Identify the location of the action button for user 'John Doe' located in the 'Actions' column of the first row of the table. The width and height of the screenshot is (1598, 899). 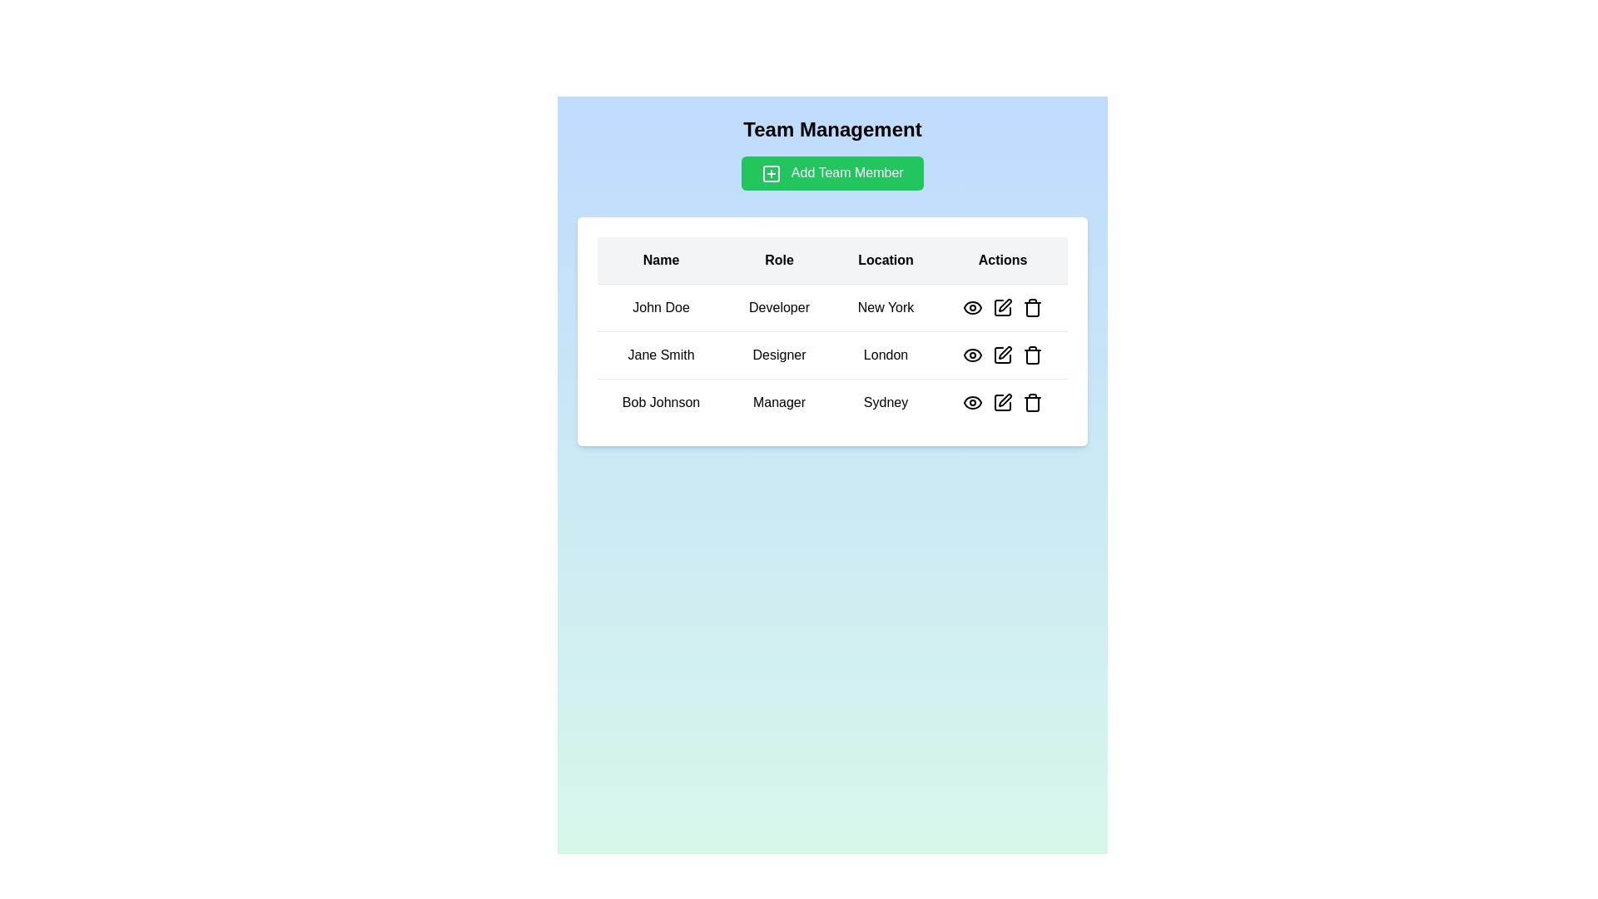
(973, 307).